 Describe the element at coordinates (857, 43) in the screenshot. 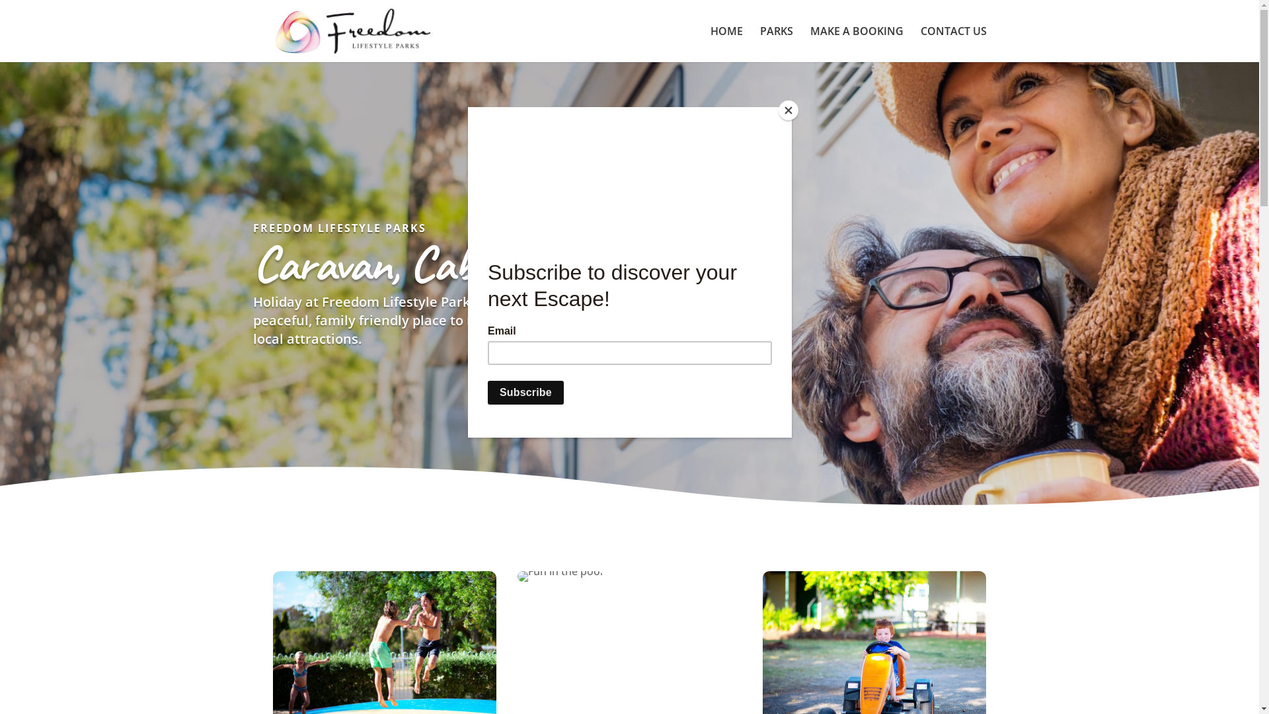

I see `'MAKE A BOOKING'` at that location.